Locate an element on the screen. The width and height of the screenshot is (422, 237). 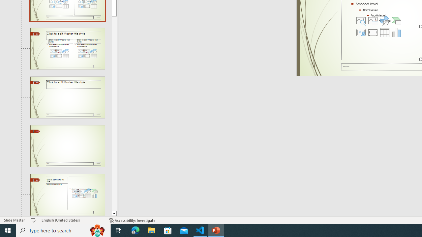
'Insert Chart' is located at coordinates (396, 33).